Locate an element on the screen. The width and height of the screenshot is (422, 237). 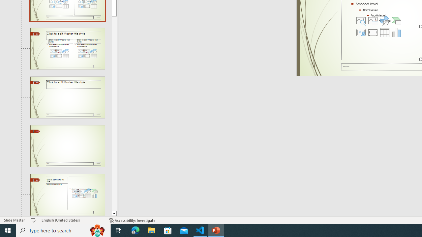
'Insert Chart' is located at coordinates (396, 33).